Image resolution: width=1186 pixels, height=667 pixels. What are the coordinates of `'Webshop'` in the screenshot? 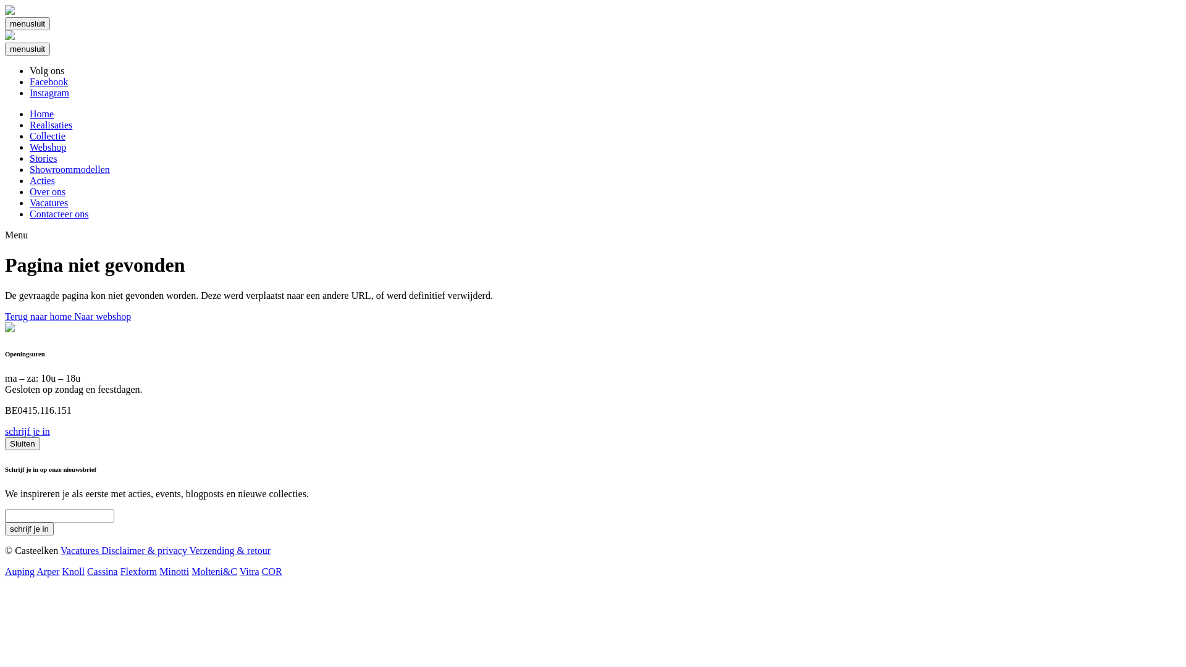 It's located at (48, 146).